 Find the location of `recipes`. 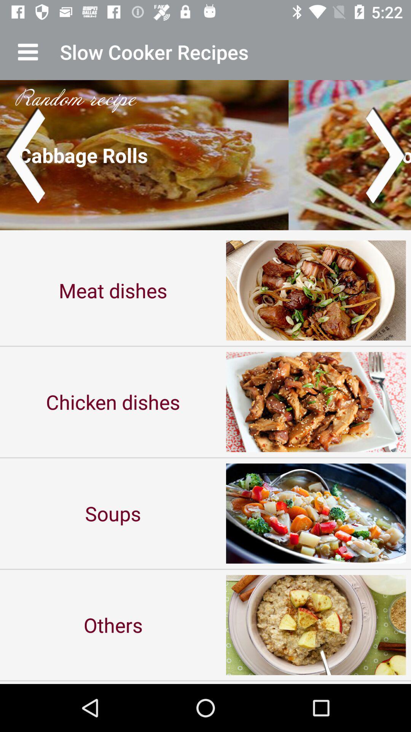

recipes is located at coordinates (205, 154).